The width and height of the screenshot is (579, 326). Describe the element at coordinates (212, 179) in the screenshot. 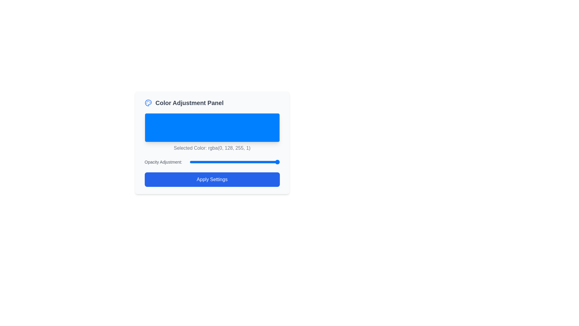

I see `the 'Apply Settings' button located at the bottom of the 'Color Adjustment Panel'` at that location.